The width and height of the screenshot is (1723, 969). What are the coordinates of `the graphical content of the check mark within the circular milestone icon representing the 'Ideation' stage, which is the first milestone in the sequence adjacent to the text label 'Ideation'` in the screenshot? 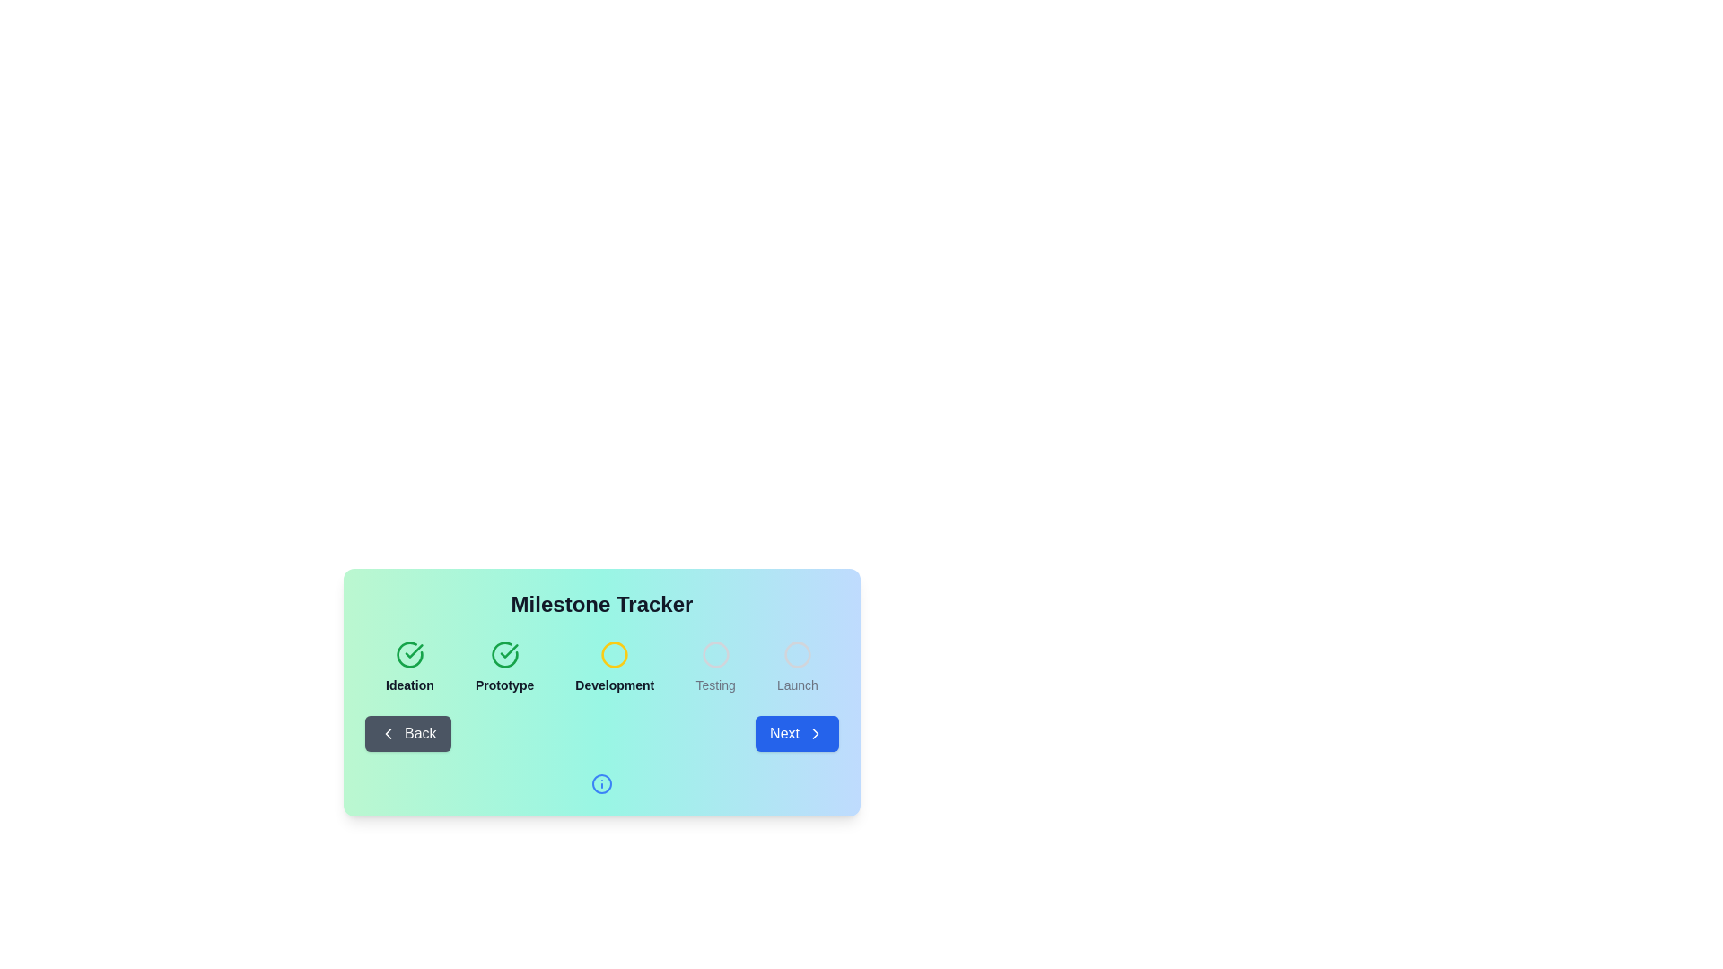 It's located at (408, 654).